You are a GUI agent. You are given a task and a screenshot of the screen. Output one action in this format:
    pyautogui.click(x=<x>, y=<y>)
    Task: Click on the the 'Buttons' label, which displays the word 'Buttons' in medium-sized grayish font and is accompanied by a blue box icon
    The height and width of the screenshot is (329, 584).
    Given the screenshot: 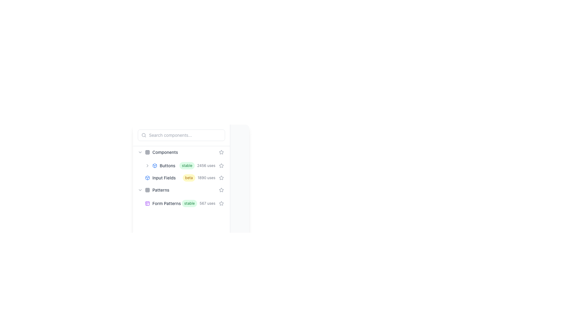 What is the action you would take?
    pyautogui.click(x=162, y=165)
    